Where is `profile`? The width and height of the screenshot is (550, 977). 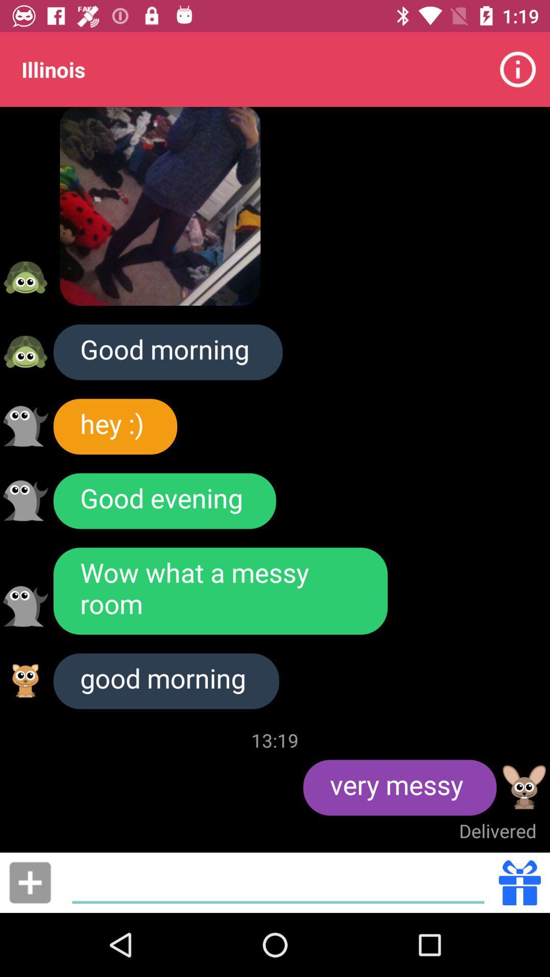 profile is located at coordinates (524, 787).